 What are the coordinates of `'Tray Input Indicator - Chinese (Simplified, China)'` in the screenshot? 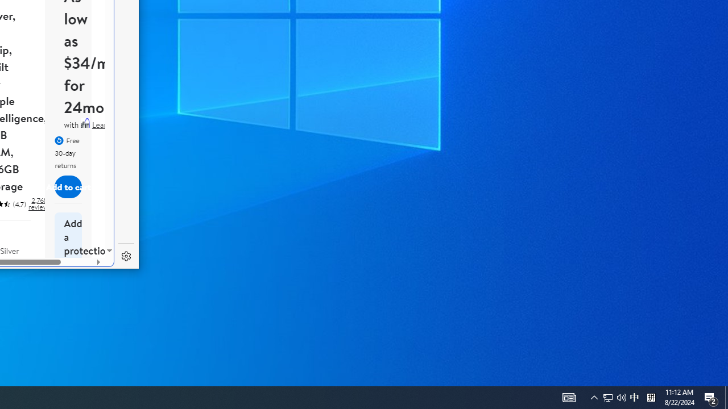 It's located at (614, 397).